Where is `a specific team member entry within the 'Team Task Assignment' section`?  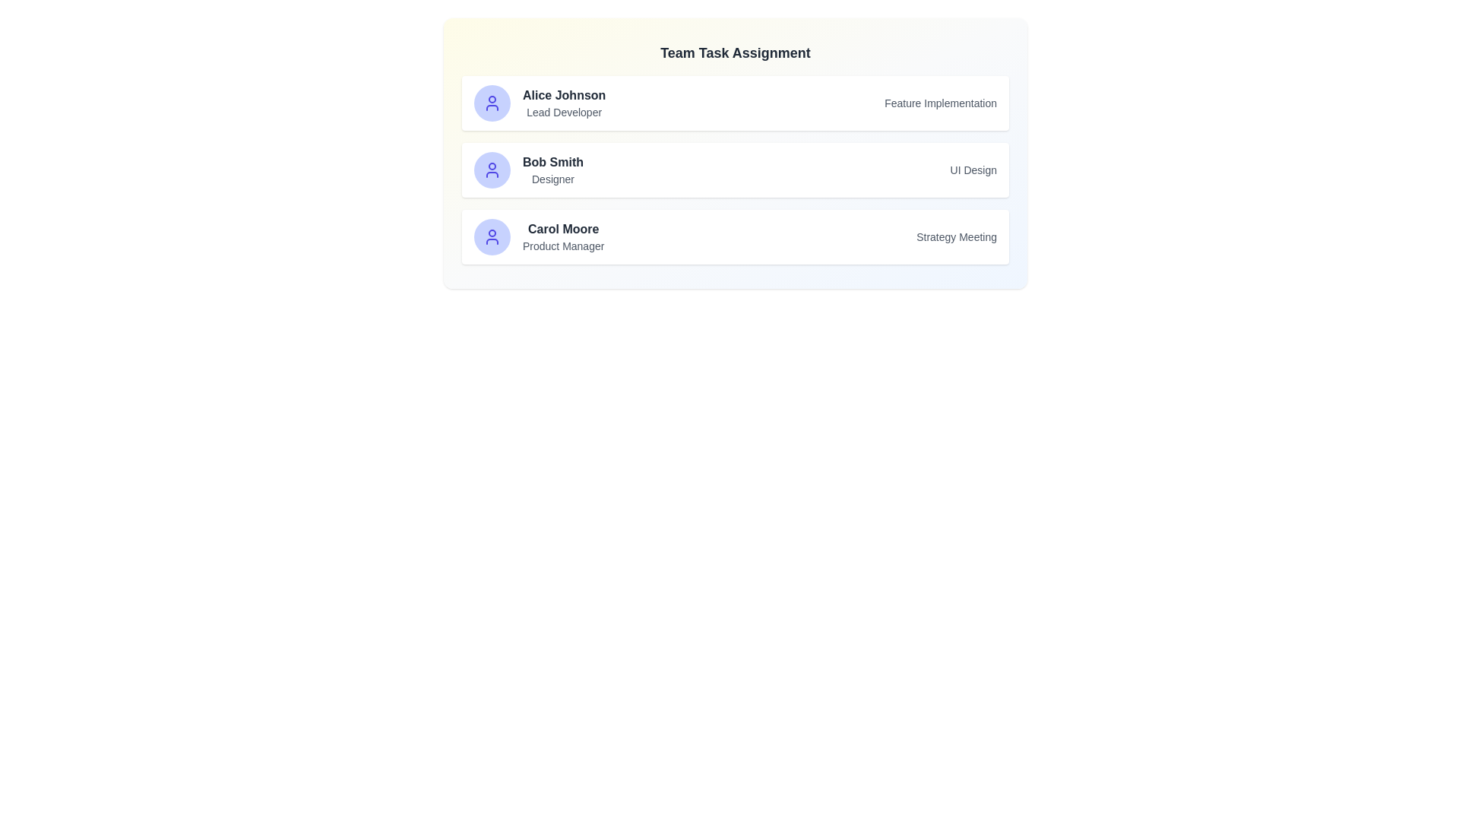 a specific team member entry within the 'Team Task Assignment' section is located at coordinates (736, 170).